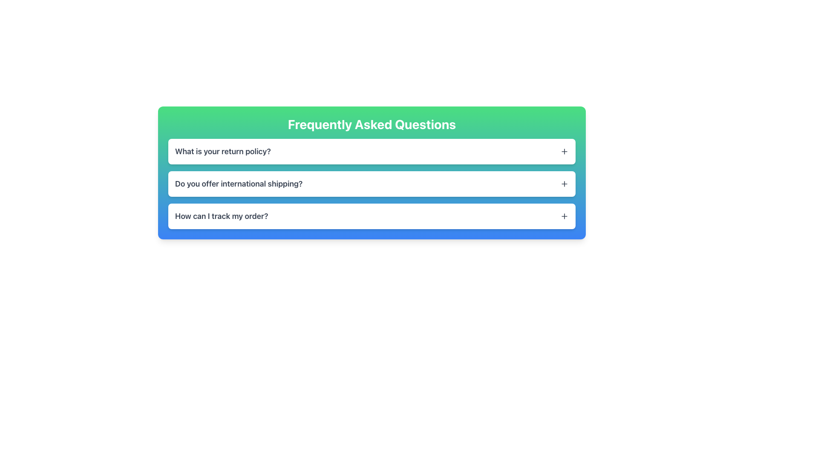  Describe the element at coordinates (223, 151) in the screenshot. I see `static text displaying the question 'What is your return policy?' which is prominently positioned at the top of the Frequently Asked Questions section` at that location.